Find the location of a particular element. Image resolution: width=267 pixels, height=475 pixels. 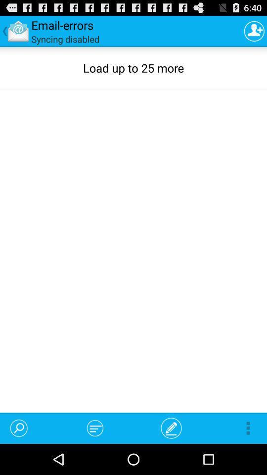

the app next to the syncing disabled is located at coordinates (254, 31).